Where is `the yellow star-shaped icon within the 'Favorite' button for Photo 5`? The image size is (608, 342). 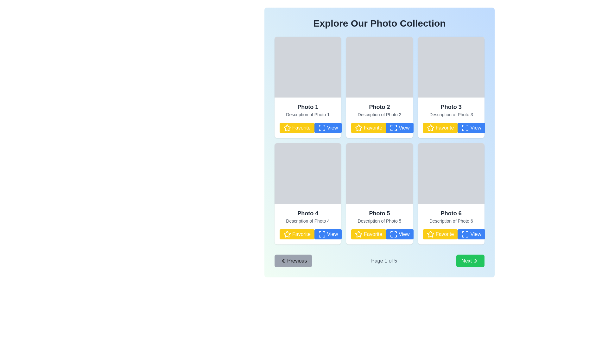
the yellow star-shaped icon within the 'Favorite' button for Photo 5 is located at coordinates (359, 234).